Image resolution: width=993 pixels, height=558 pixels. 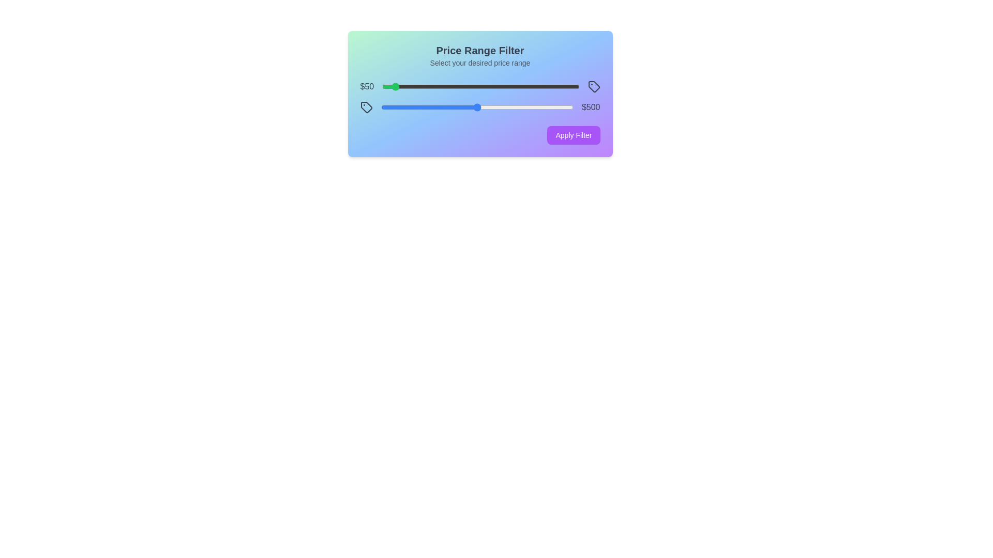 What do you see at coordinates (514, 107) in the screenshot?
I see `the maximum price slider to 691` at bounding box center [514, 107].